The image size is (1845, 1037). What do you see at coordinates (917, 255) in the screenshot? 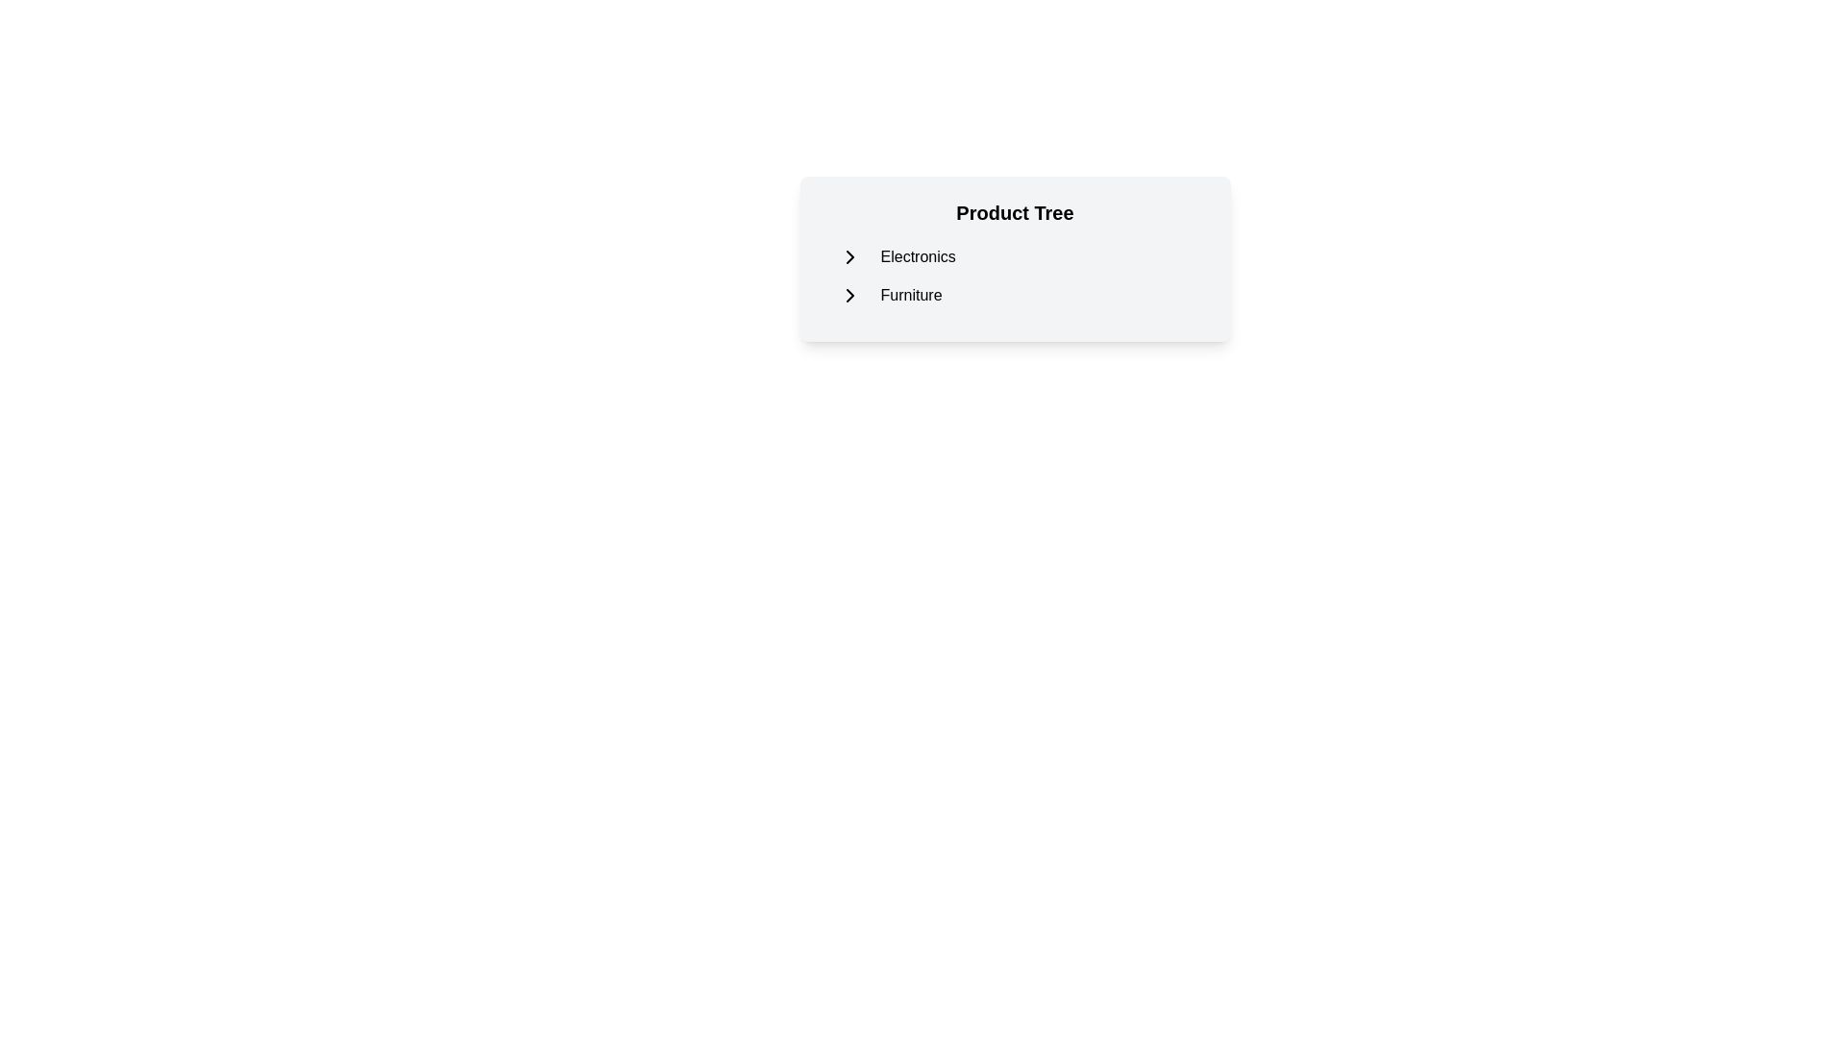
I see `the 'Electronics' button, which is styled with padding and rounded corners, located under the 'Product Tree' heading and to the right of a left-facing chevron icon` at bounding box center [917, 255].